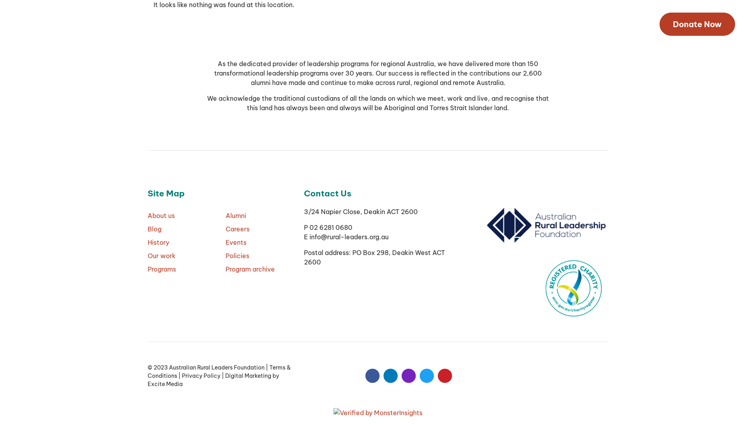  Describe the element at coordinates (261, 229) in the screenshot. I see `'Careers'` at that location.